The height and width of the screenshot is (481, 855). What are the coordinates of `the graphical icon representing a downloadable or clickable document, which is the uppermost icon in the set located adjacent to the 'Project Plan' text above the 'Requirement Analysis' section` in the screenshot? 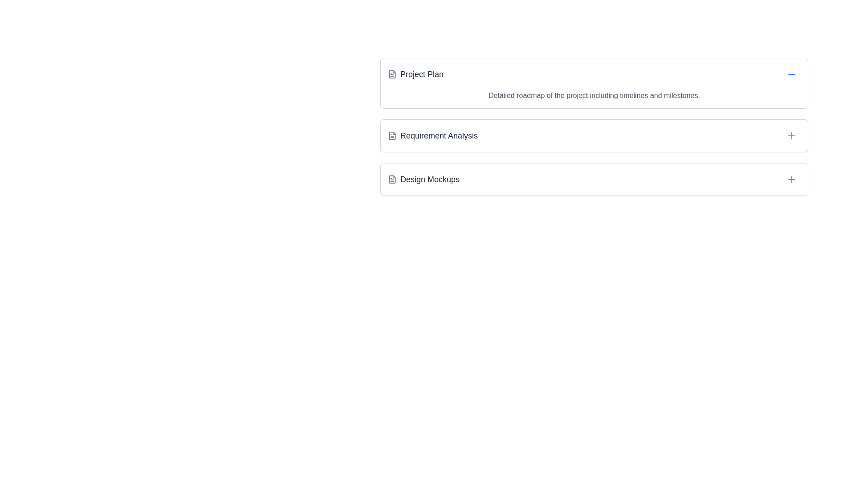 It's located at (392, 73).